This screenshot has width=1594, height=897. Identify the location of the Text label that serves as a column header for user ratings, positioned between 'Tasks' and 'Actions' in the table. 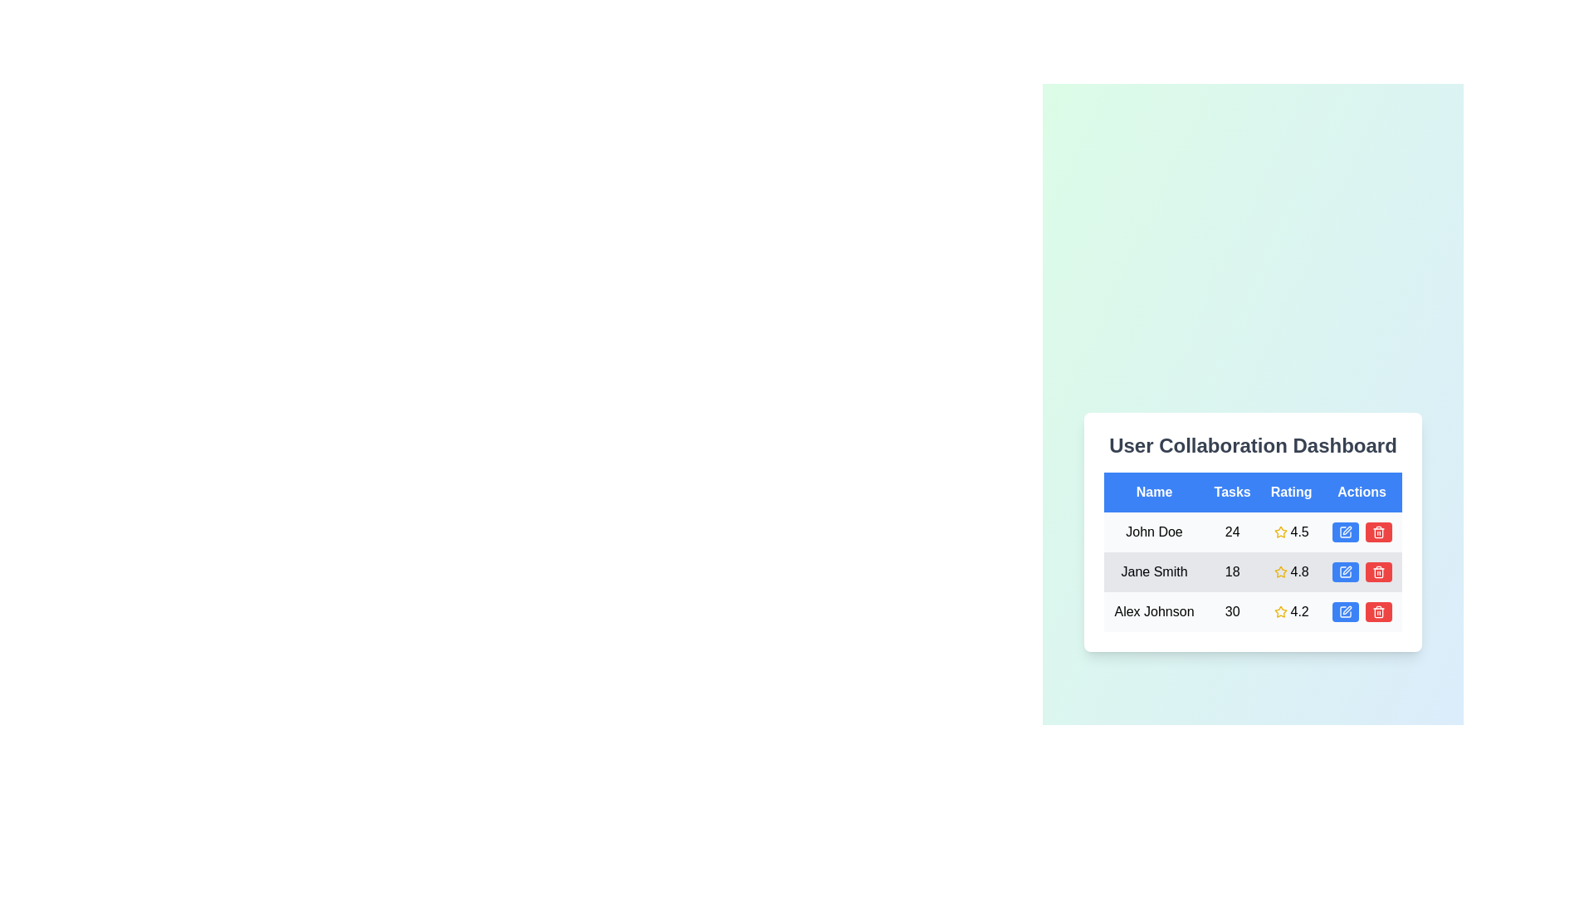
(1290, 492).